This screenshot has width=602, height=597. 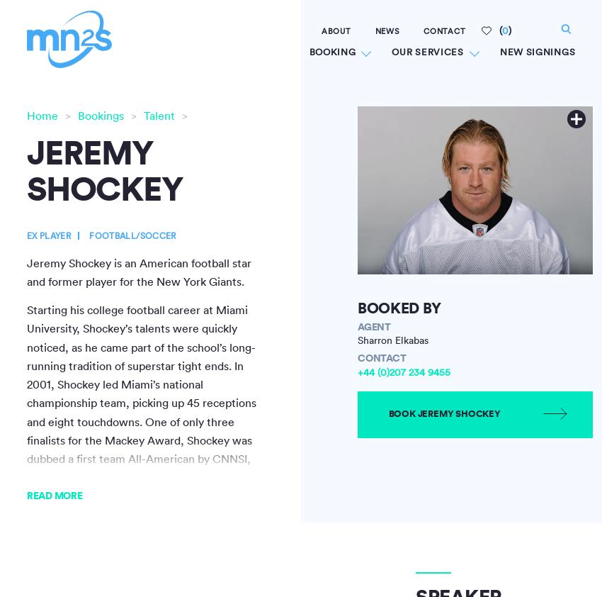 I want to click on 'Football/Soccer', so click(x=132, y=235).